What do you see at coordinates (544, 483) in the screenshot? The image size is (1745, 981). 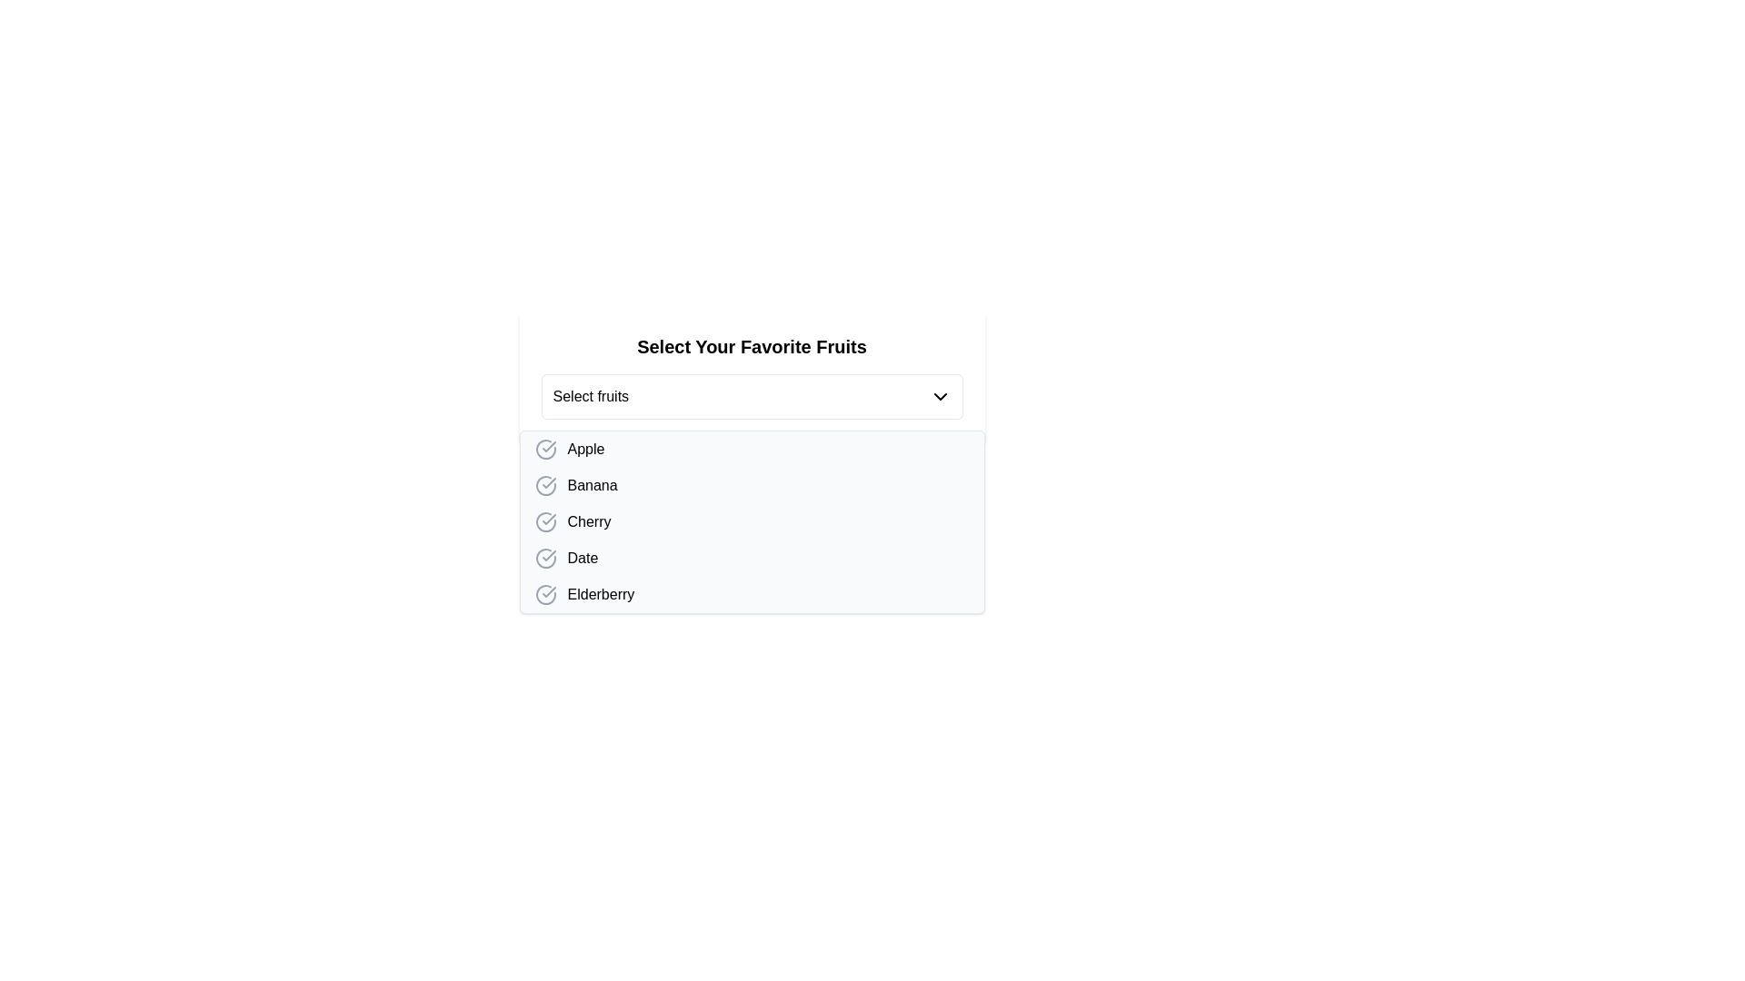 I see `the graphical selection indicator (checked state) associated with the list item 'Banana' to confirm its selection` at bounding box center [544, 483].